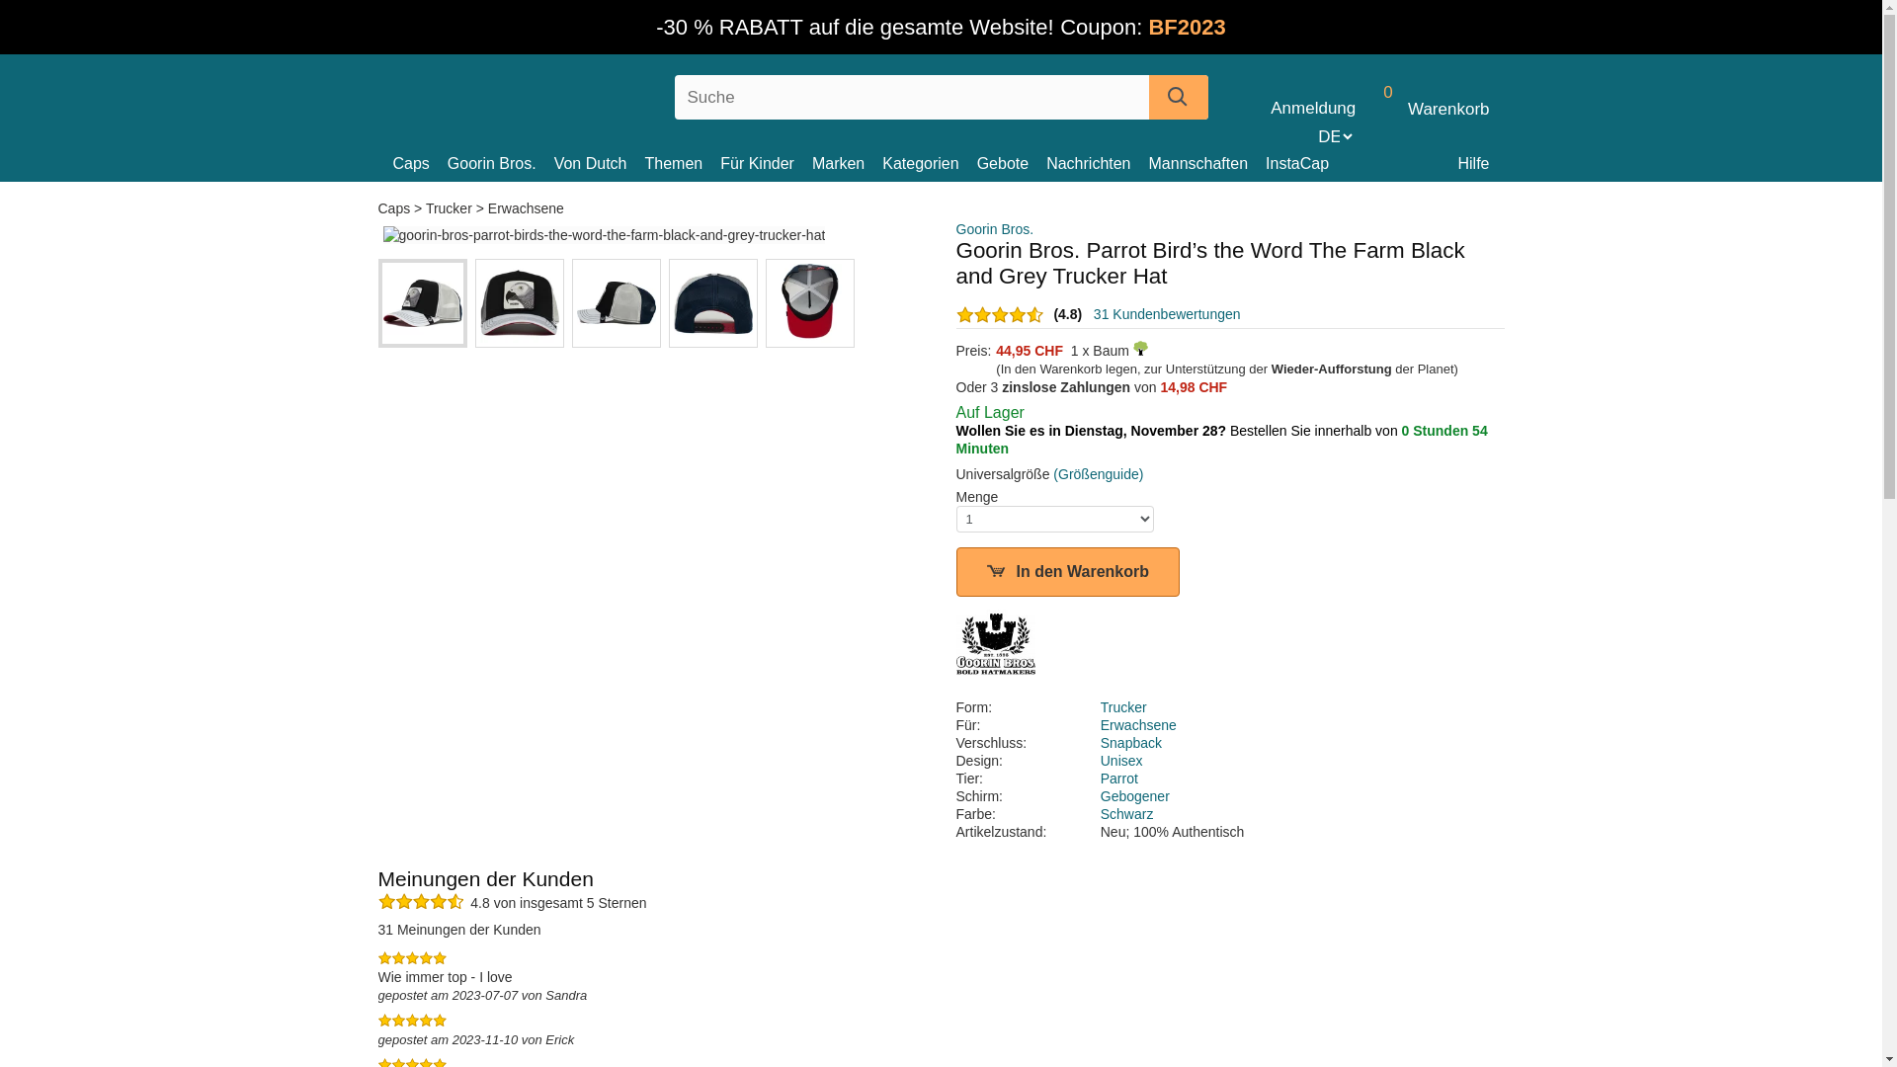 Image resolution: width=1897 pixels, height=1067 pixels. I want to click on 'Marken', so click(811, 162).